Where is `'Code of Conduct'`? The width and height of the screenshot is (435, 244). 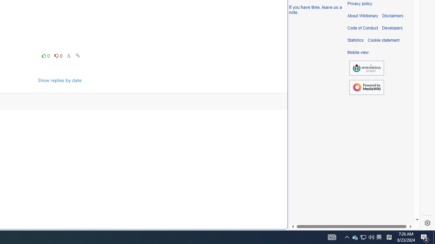
'Code of Conduct' is located at coordinates (362, 28).